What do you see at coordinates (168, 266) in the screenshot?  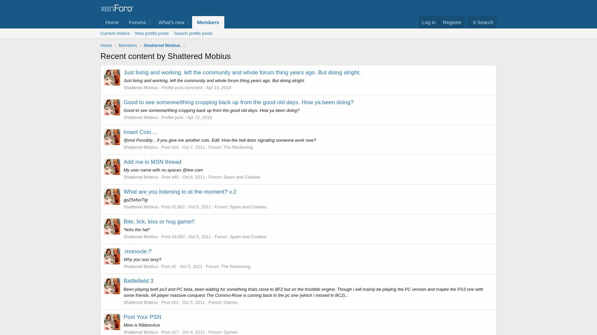 I see `'Post #2'` at bounding box center [168, 266].